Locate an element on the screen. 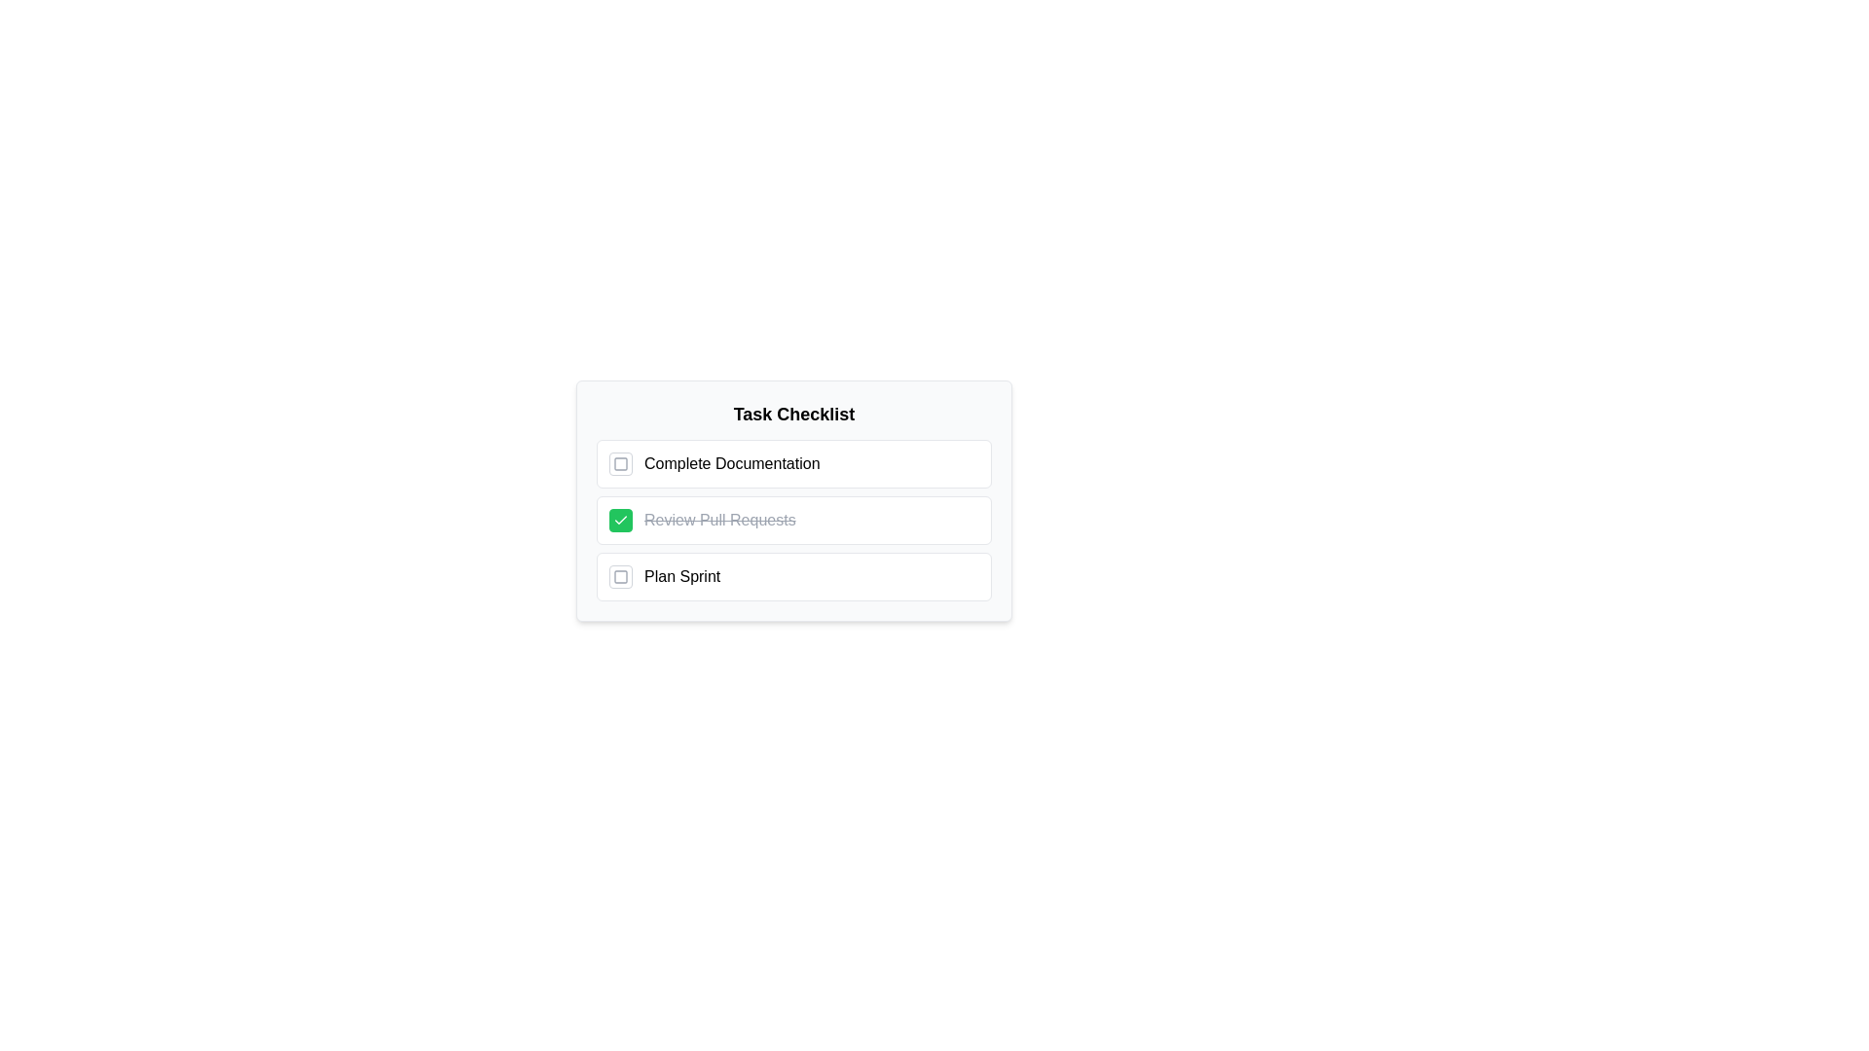 The width and height of the screenshot is (1869, 1051). the second checklist item labeled 'Review Pull Requests' is located at coordinates (794, 520).